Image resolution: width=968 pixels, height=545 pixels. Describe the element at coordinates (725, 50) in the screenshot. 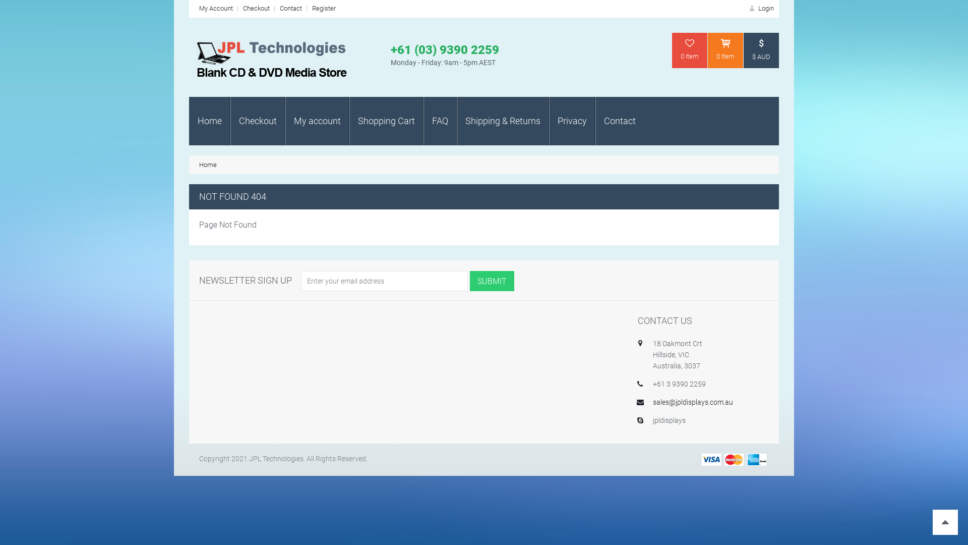

I see `'0 Item'` at that location.